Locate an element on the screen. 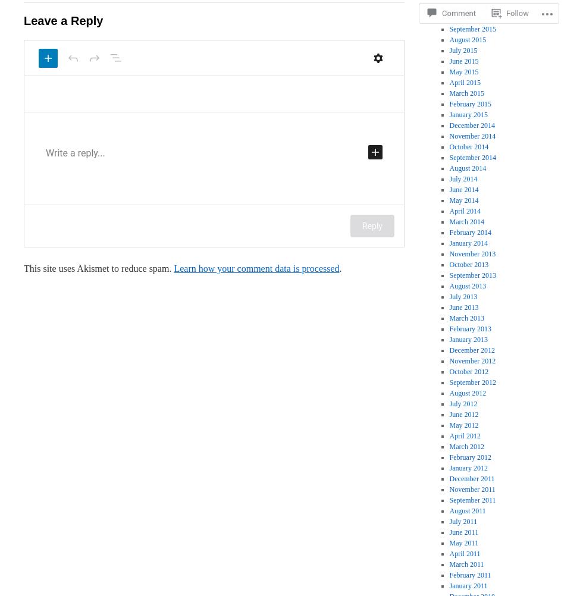  'October 2013' is located at coordinates (469, 264).